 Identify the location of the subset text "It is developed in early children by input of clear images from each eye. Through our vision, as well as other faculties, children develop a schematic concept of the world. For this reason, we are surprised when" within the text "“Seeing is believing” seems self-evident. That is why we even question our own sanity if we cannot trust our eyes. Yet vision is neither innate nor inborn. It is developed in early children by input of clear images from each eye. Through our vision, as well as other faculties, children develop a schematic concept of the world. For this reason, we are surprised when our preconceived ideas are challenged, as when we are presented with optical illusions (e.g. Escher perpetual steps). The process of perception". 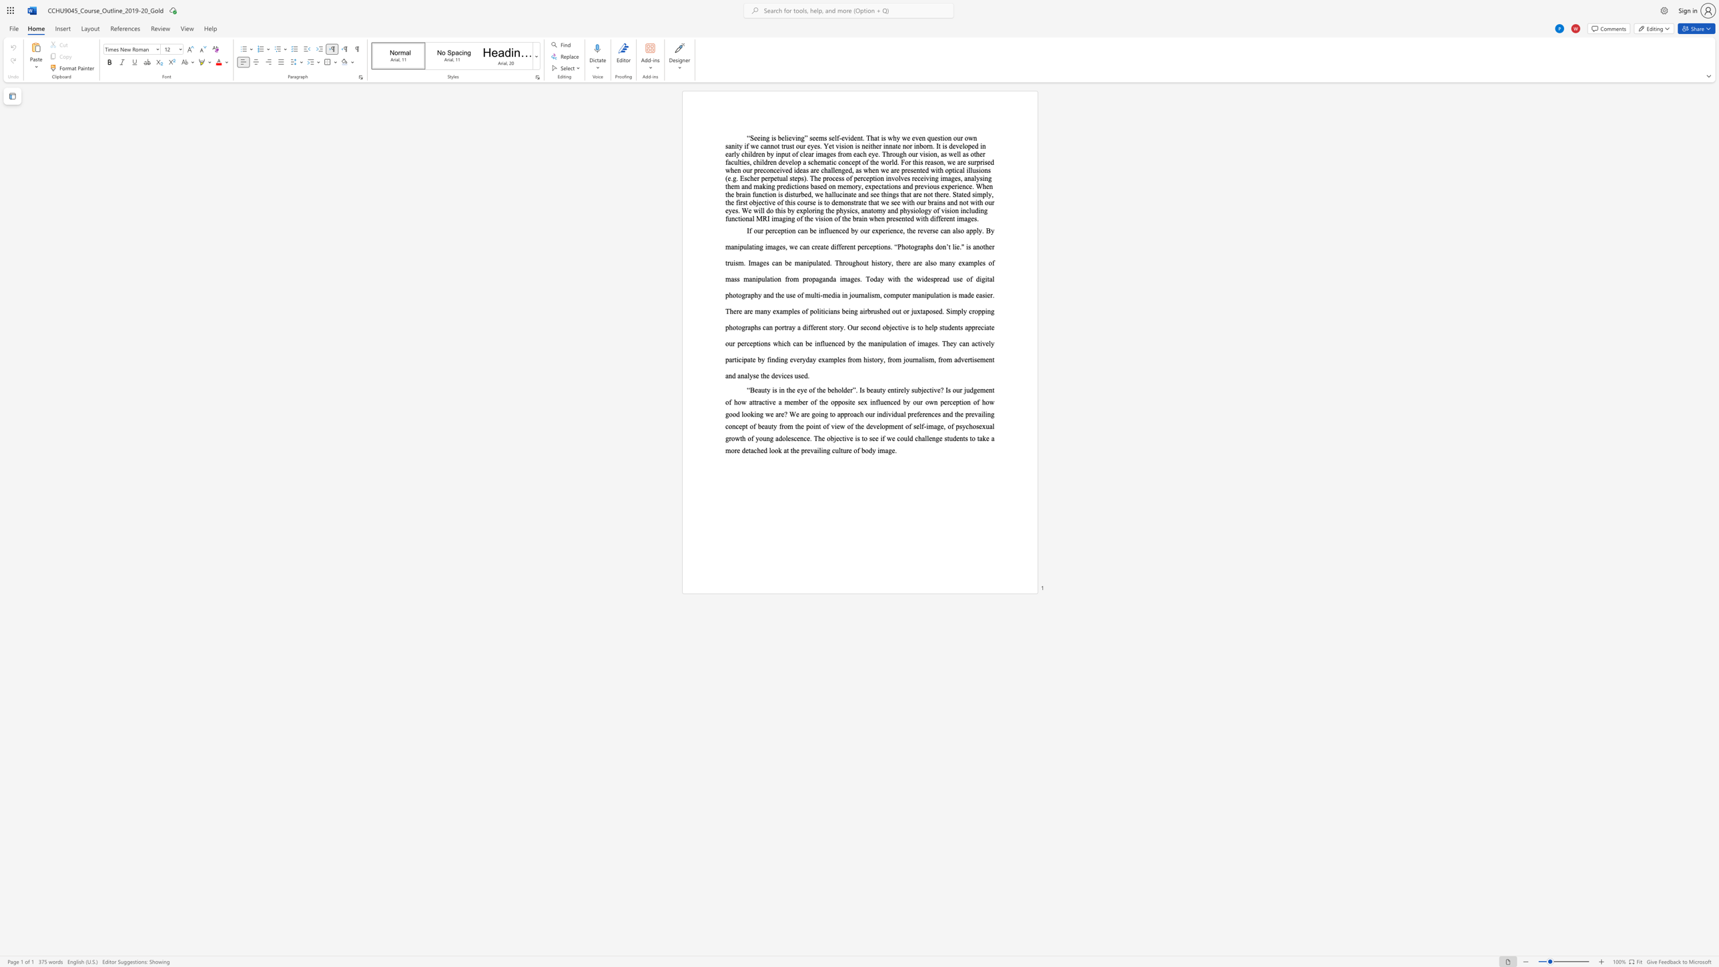
(936, 145).